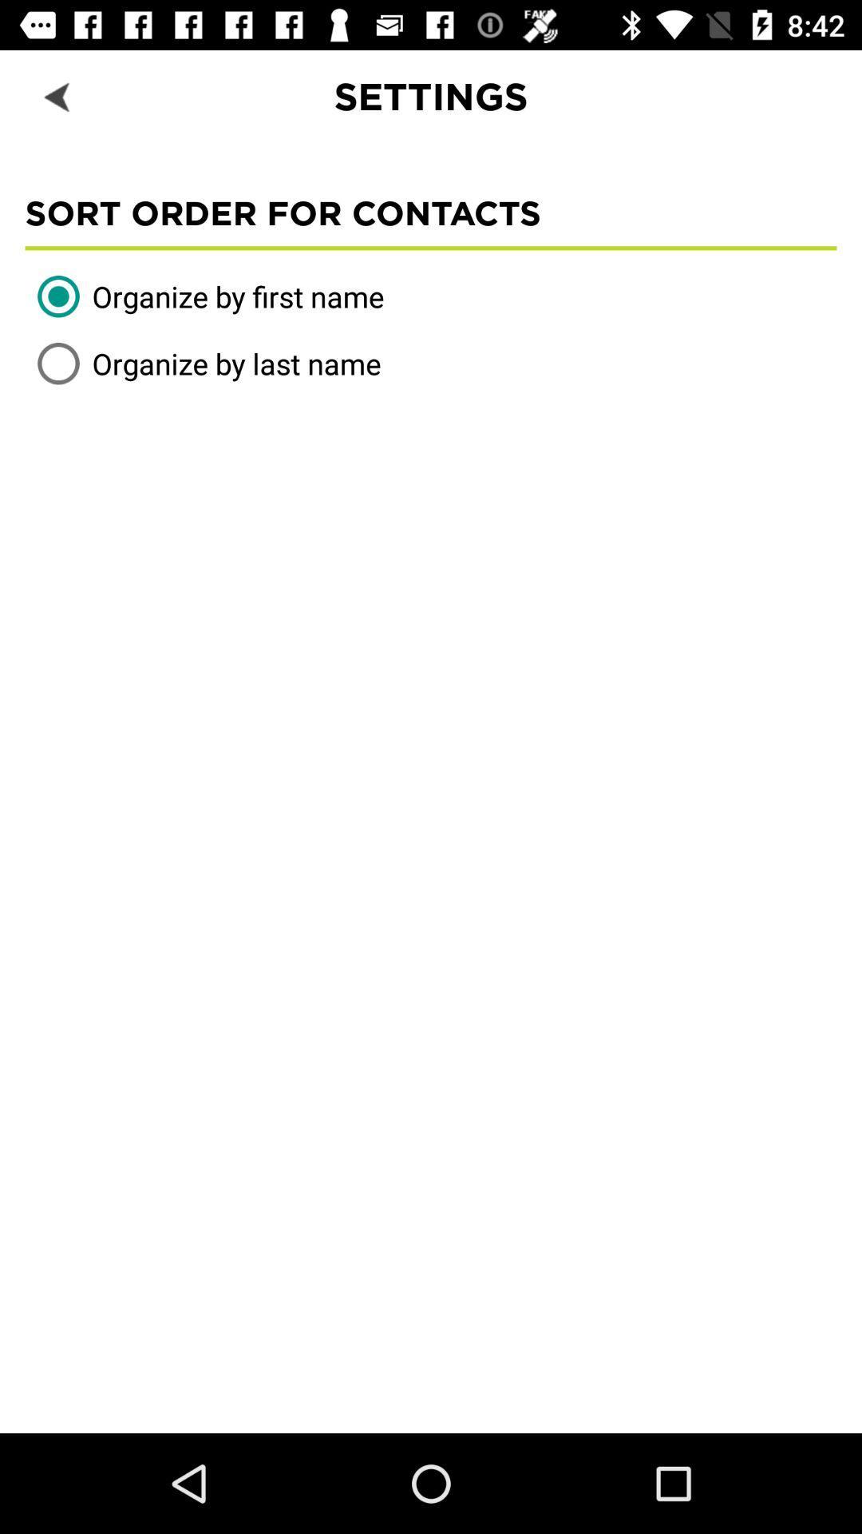  What do you see at coordinates (57, 95) in the screenshot?
I see `the item next to settings icon` at bounding box center [57, 95].